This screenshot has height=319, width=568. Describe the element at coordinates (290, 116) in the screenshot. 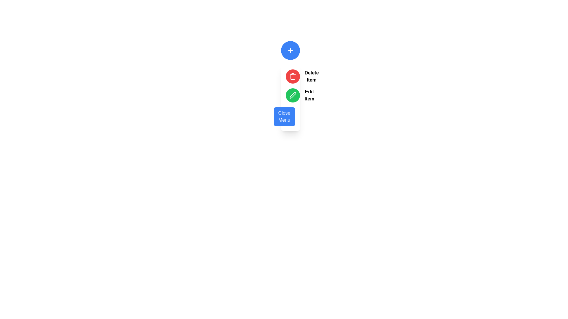

I see `the close button located in the top right of the menu panel` at that location.